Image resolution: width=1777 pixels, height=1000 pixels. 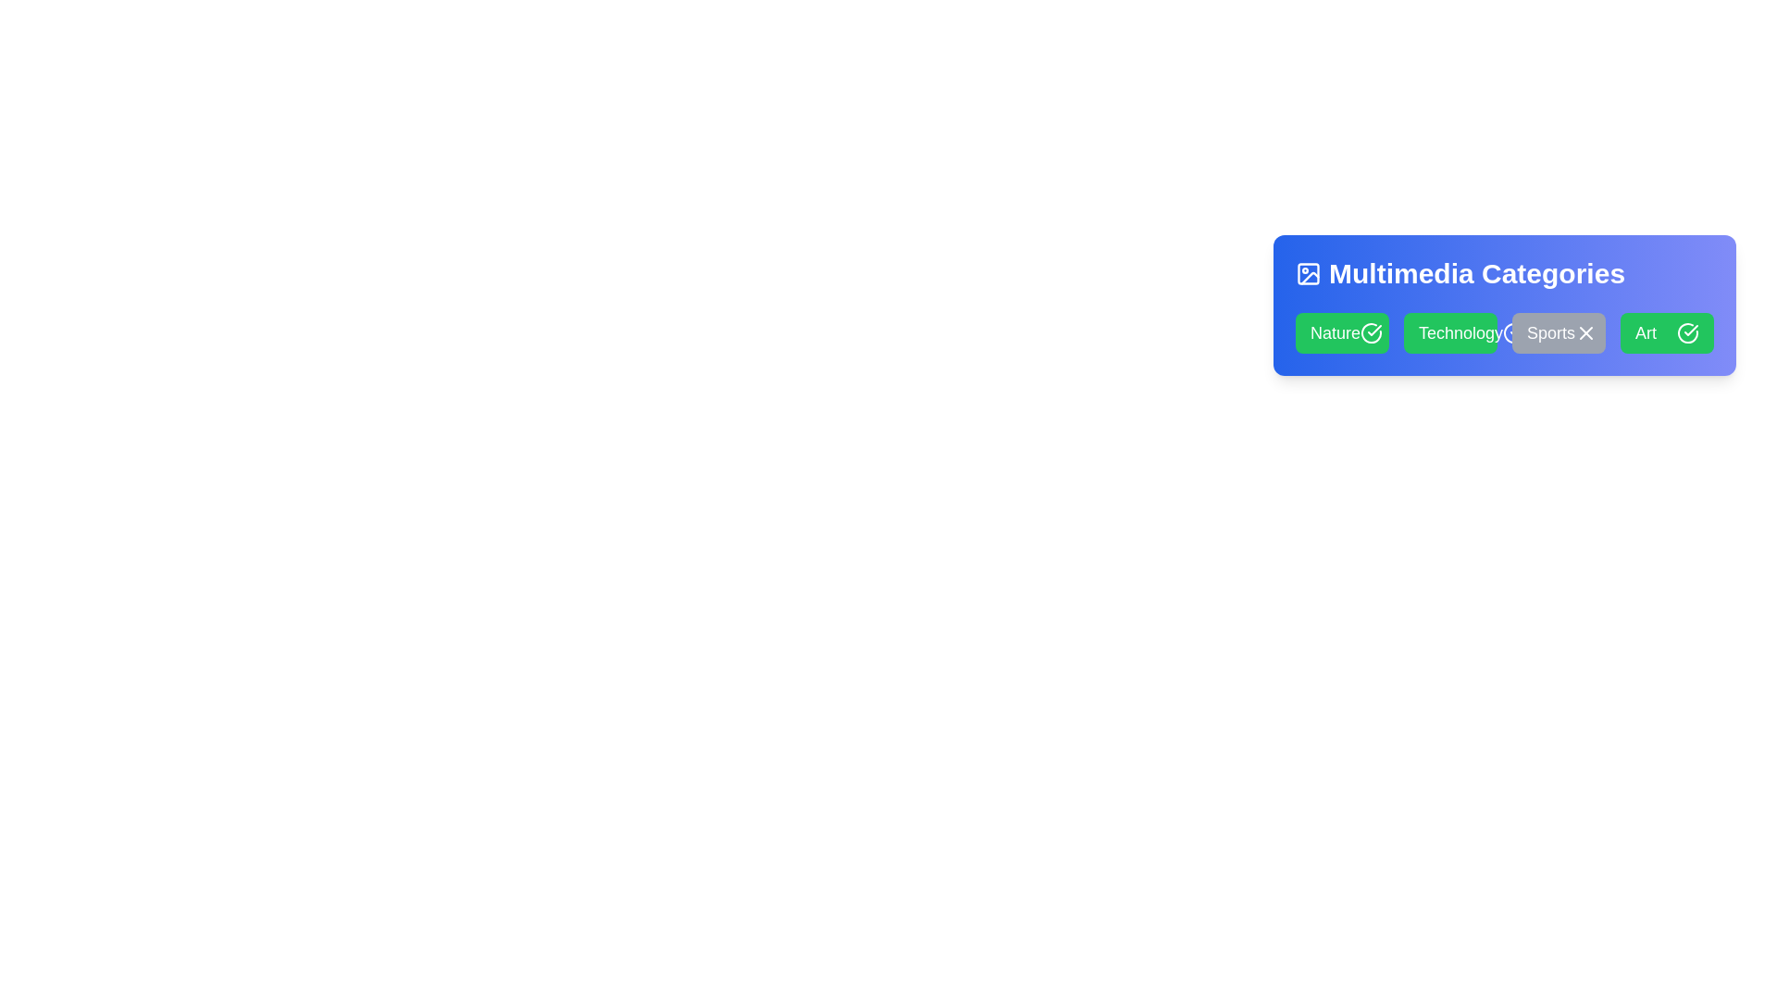 I want to click on the 'Technology' category label, which is located between the 'Nature' and 'Sports' elements in the category selector bar, so click(x=1460, y=331).